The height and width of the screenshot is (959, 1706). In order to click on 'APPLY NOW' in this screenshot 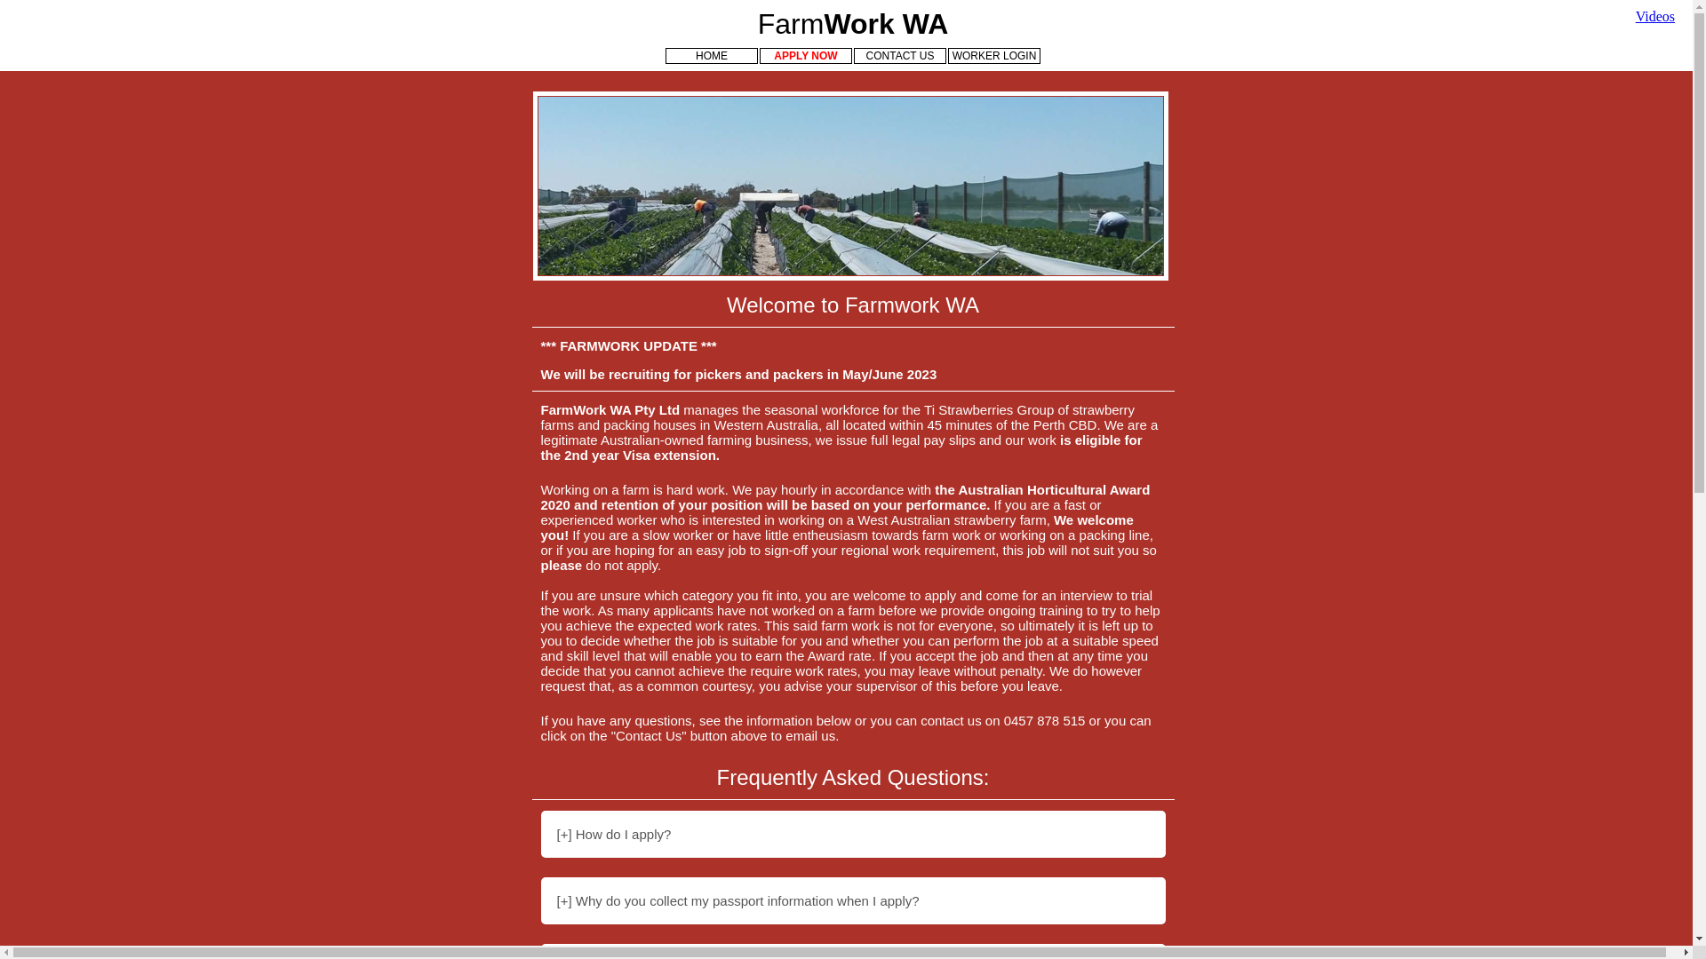, I will do `click(805, 54)`.